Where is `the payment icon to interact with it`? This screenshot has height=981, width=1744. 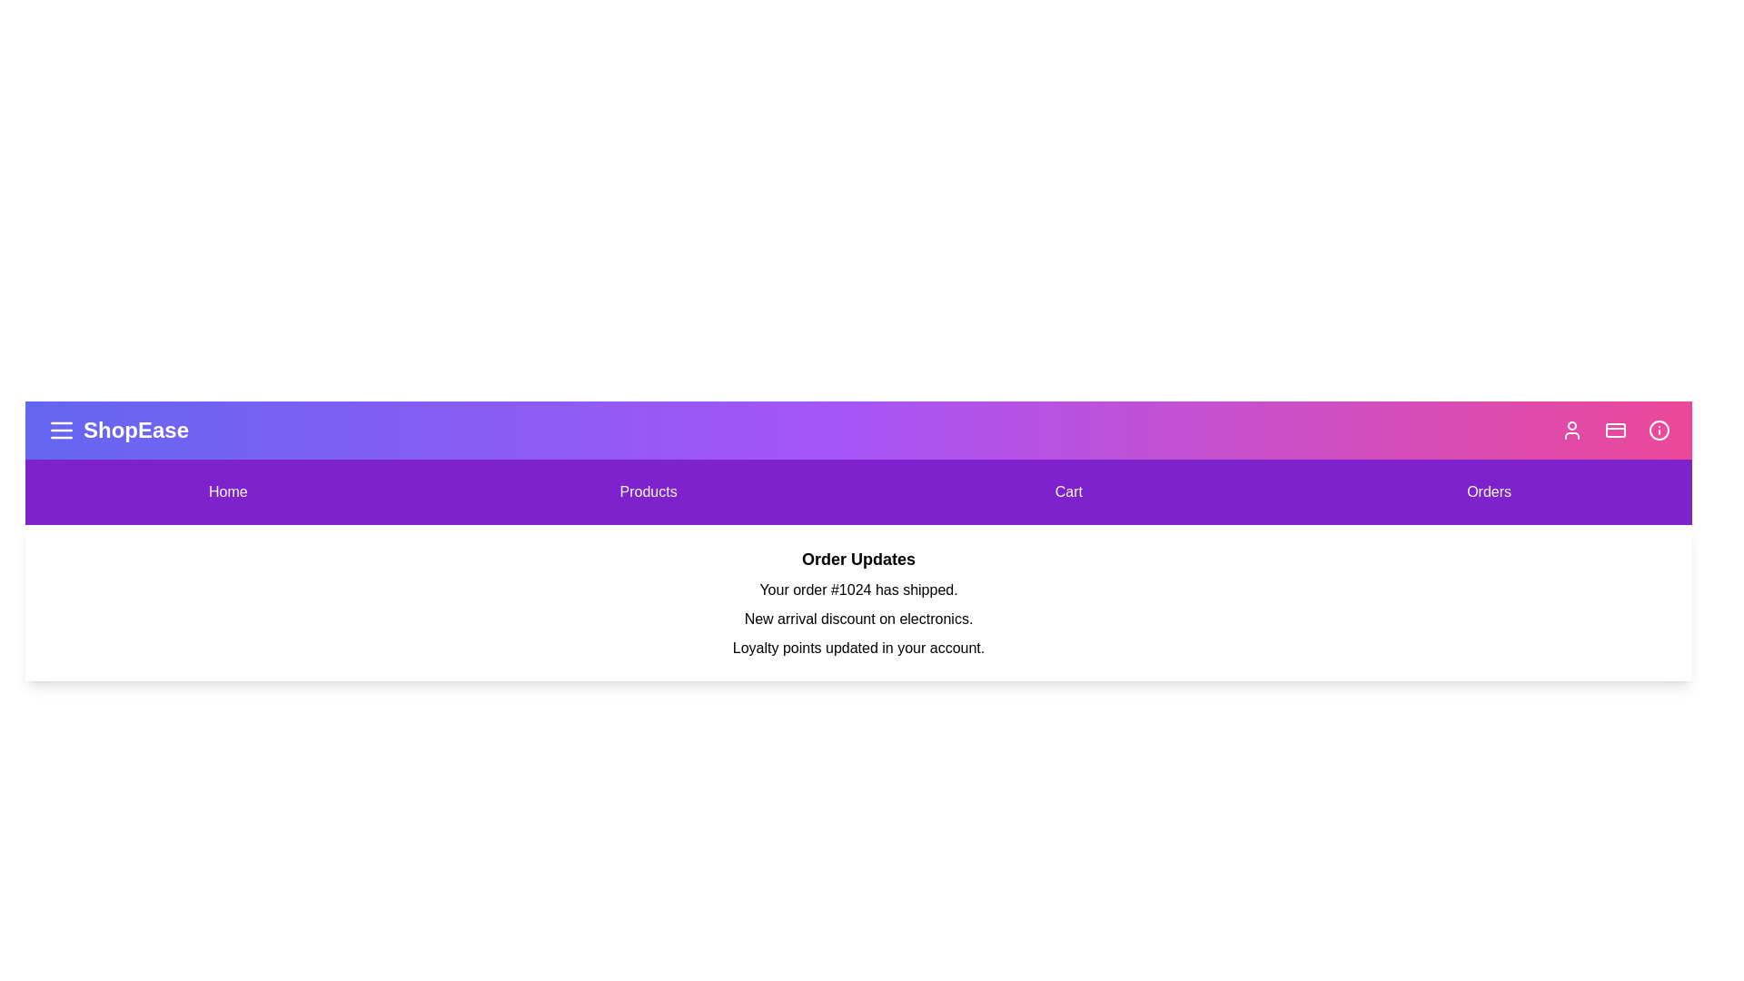
the payment icon to interact with it is located at coordinates (1616, 431).